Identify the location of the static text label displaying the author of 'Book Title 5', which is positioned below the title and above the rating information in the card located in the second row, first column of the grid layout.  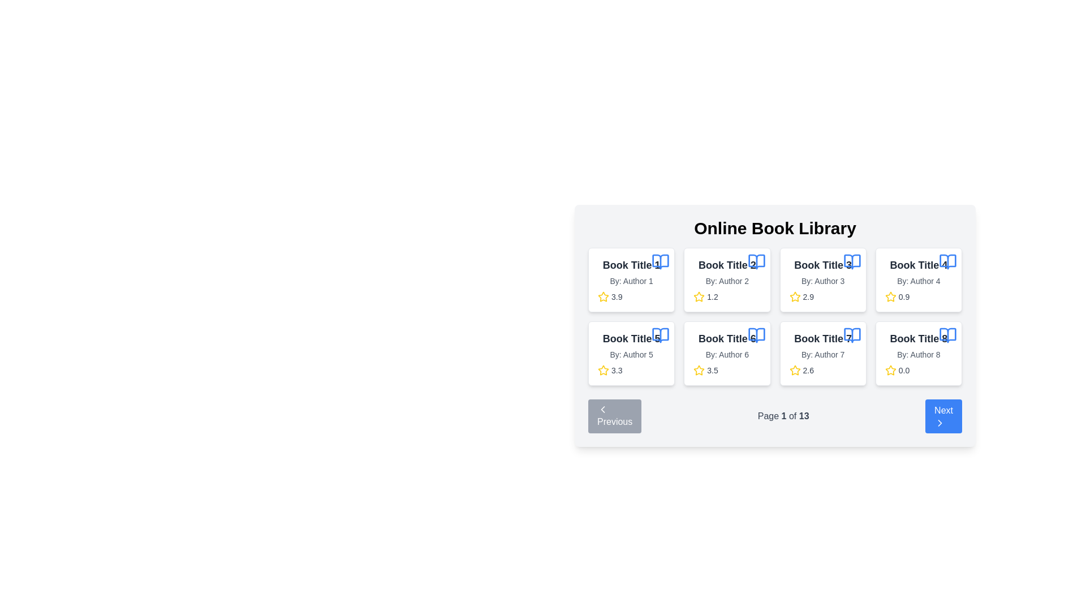
(631, 354).